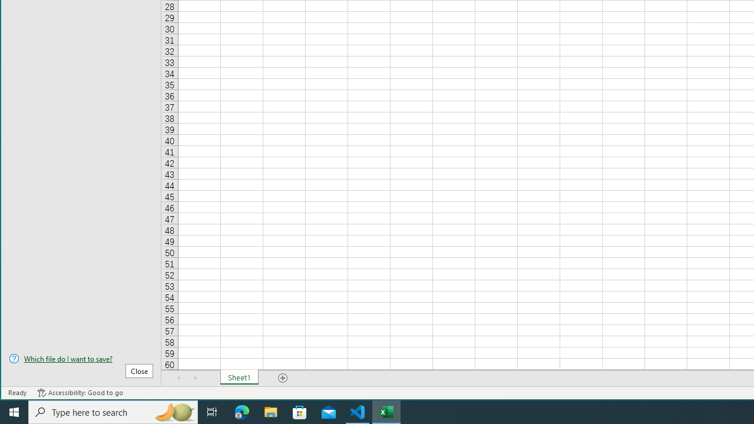 Image resolution: width=754 pixels, height=424 pixels. What do you see at coordinates (211, 411) in the screenshot?
I see `'Task View'` at bounding box center [211, 411].